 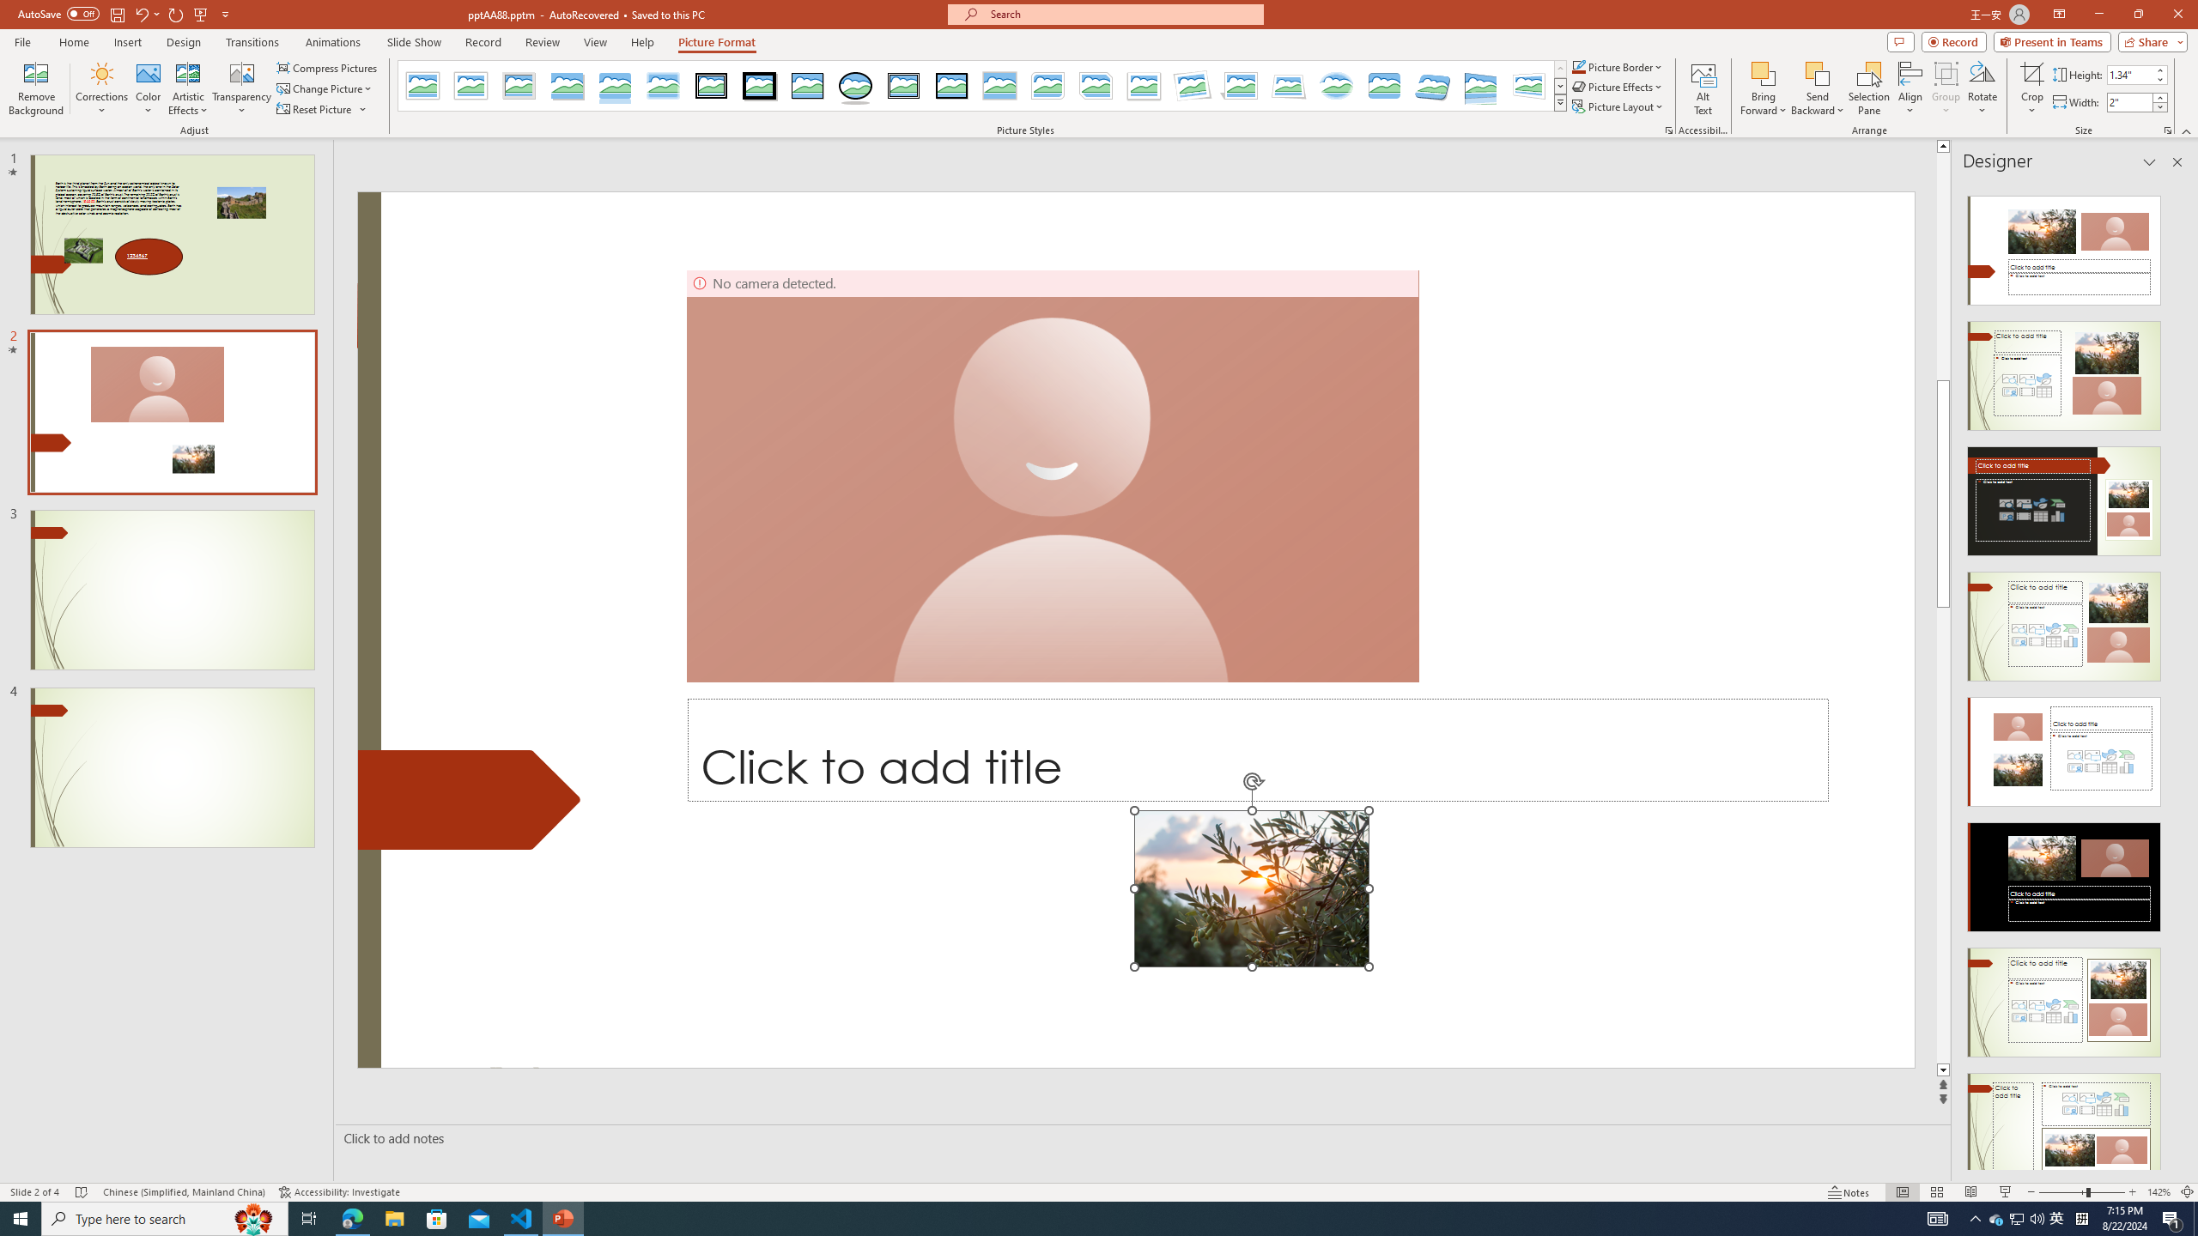 I want to click on 'Size and Position...', so click(x=2166, y=129).